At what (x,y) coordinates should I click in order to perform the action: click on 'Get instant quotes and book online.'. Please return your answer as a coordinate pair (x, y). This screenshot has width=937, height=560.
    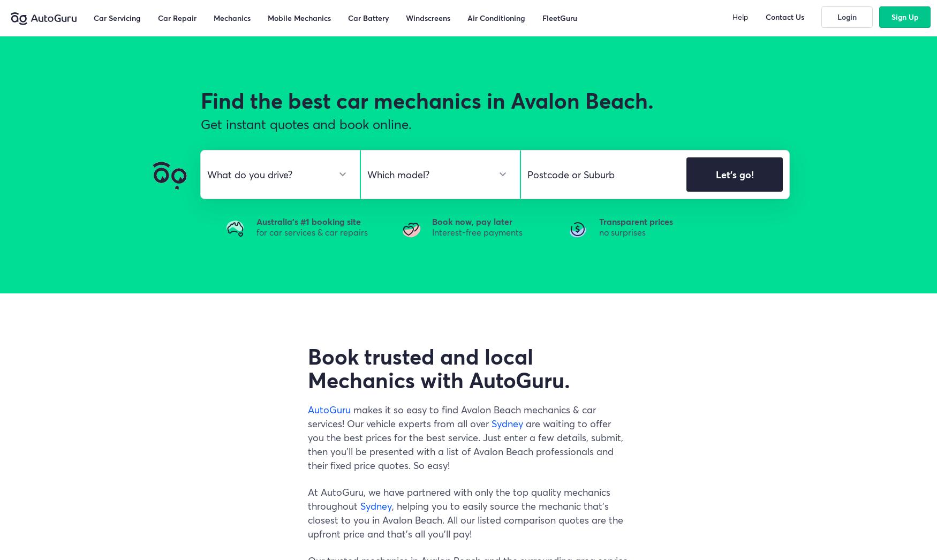
    Looking at the image, I should click on (306, 124).